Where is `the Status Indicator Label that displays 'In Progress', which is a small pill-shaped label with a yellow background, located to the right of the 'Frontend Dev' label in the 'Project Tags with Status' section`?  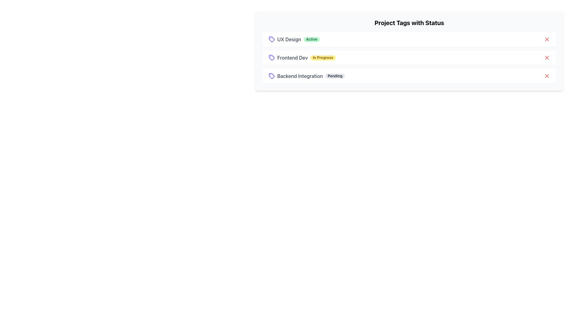
the Status Indicator Label that displays 'In Progress', which is a small pill-shaped label with a yellow background, located to the right of the 'Frontend Dev' label in the 'Project Tags with Status' section is located at coordinates (323, 58).